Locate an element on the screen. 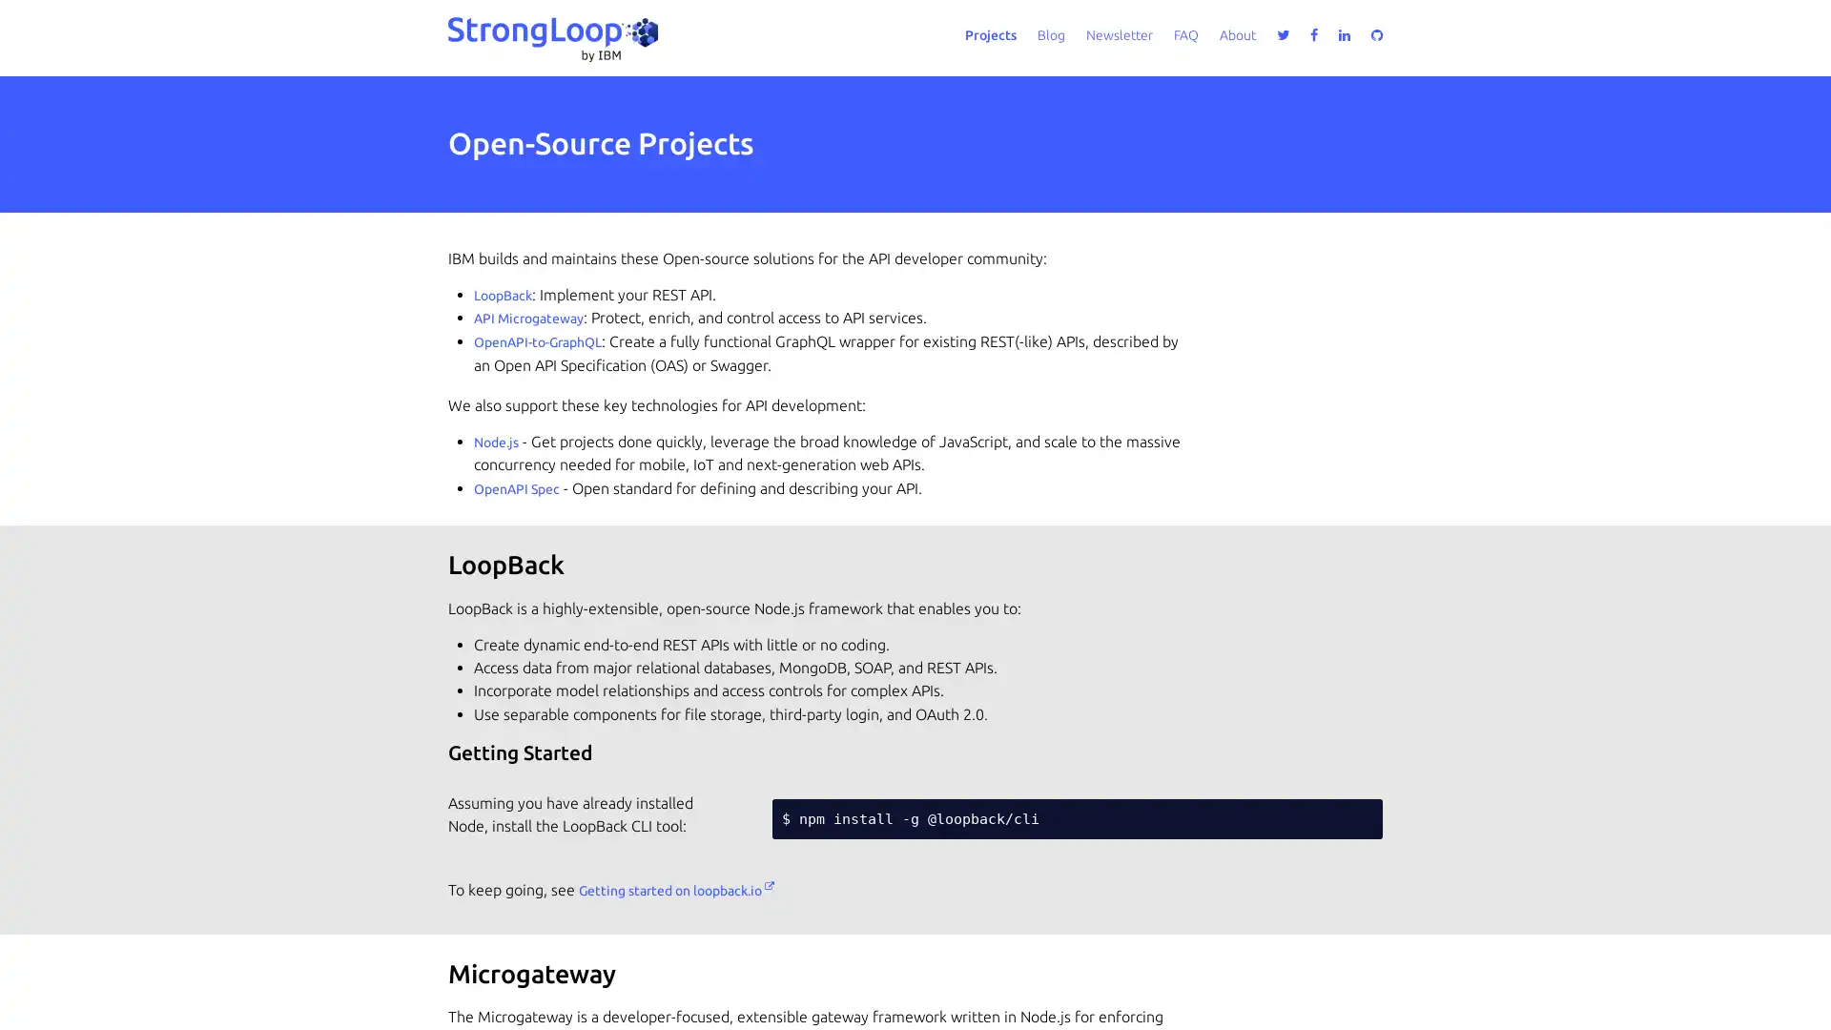  Do not sell my personal information is located at coordinates (1677, 967).